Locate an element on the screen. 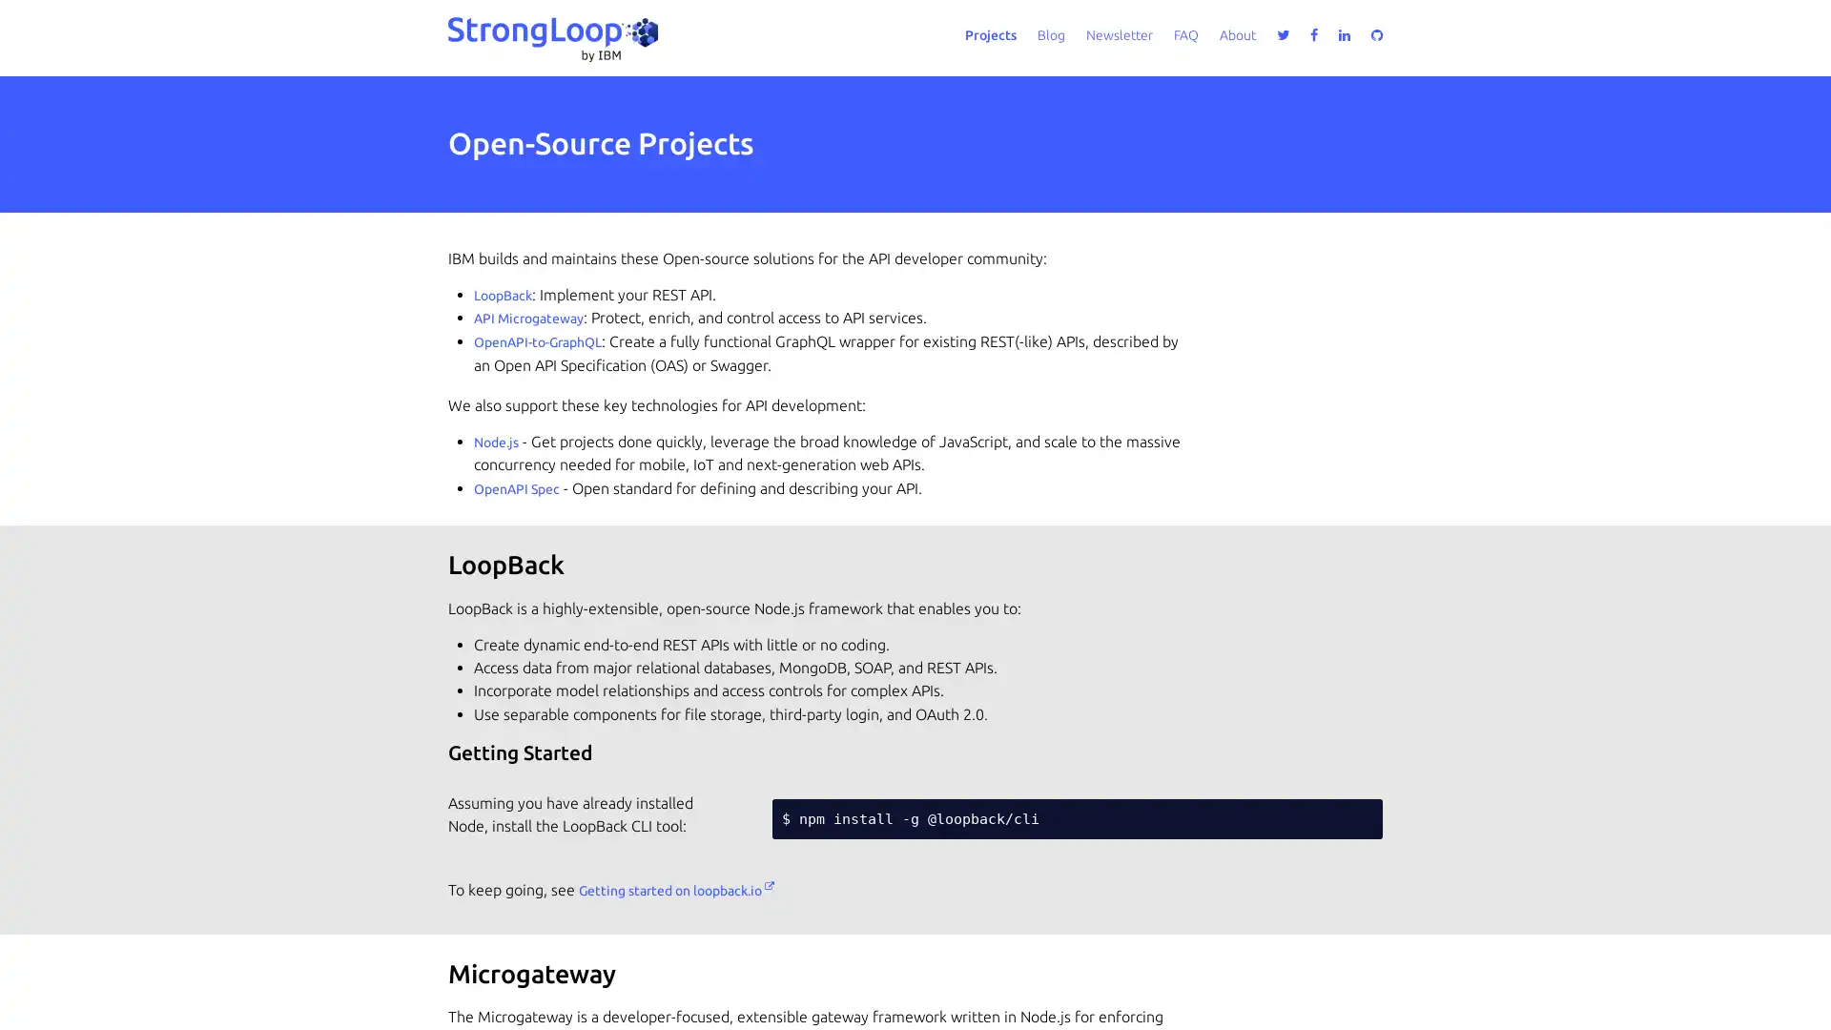  Do not sell my personal information is located at coordinates (1677, 967).